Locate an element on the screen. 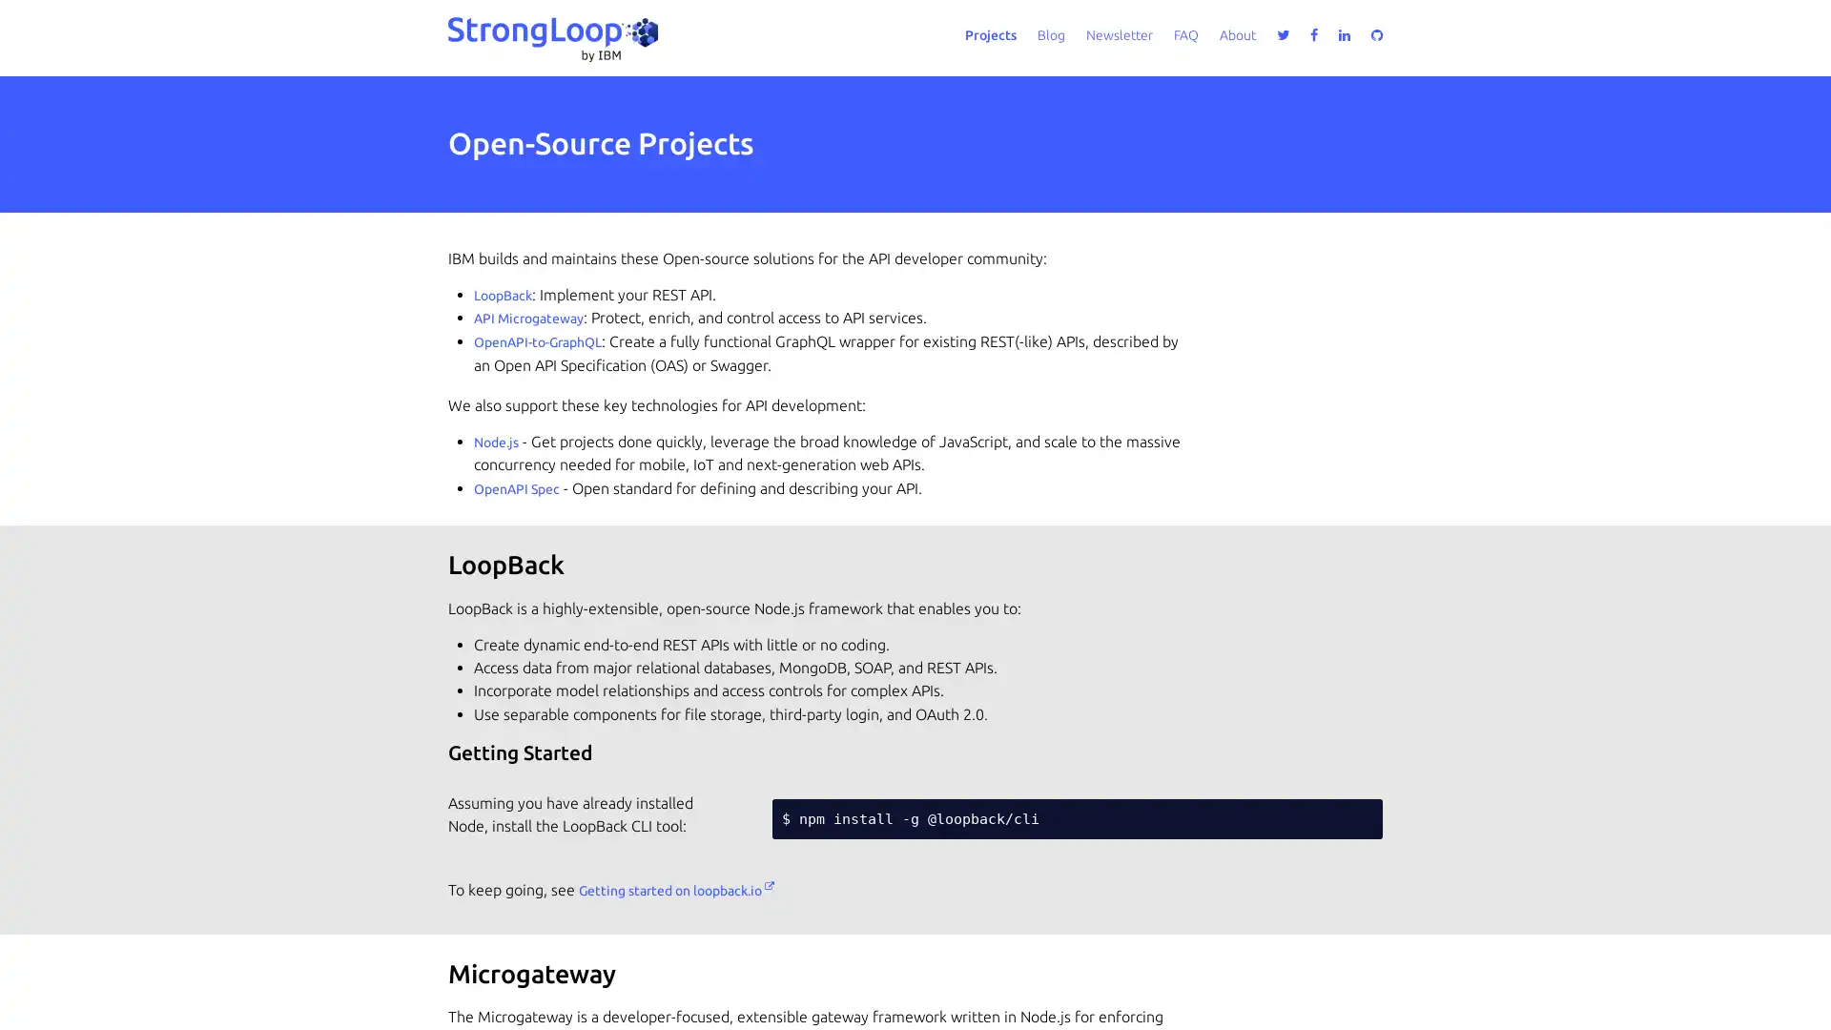  Do not sell my personal information is located at coordinates (1677, 967).